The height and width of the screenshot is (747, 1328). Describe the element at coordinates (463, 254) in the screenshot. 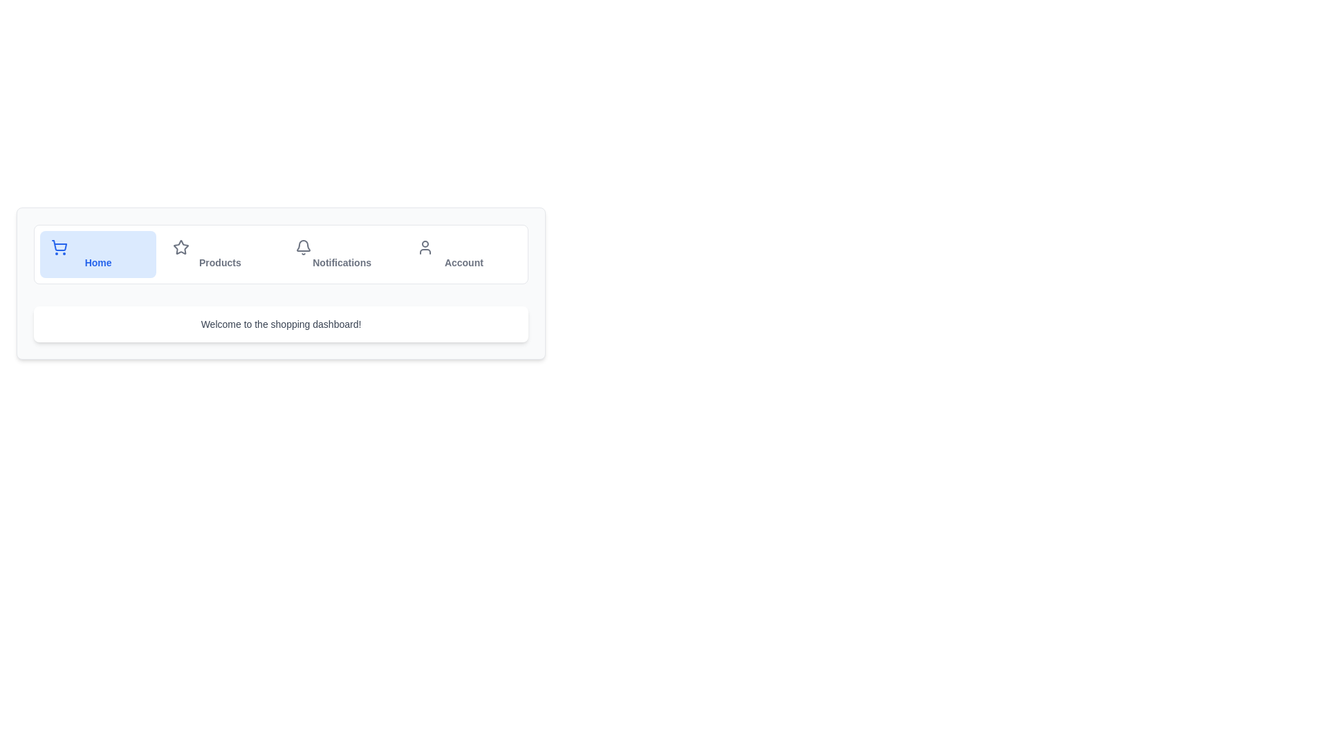

I see `the 'Account' button with a user icon above the text` at that location.